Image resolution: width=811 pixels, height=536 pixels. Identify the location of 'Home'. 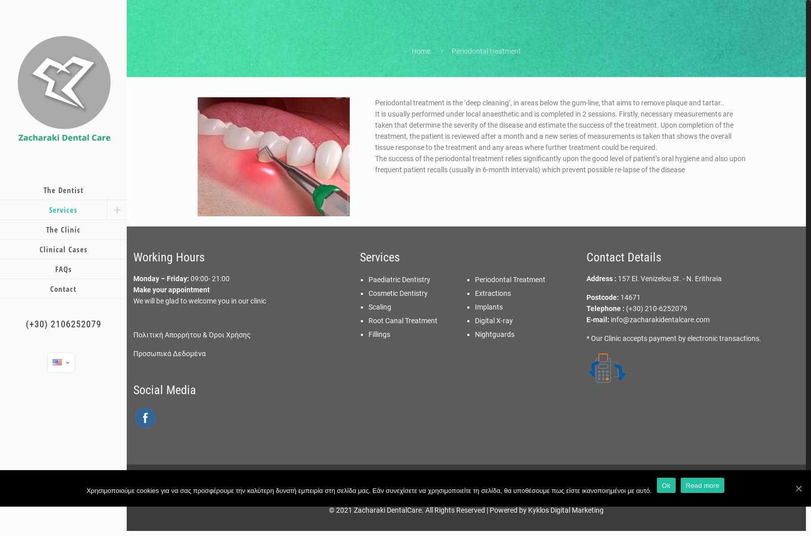
(420, 51).